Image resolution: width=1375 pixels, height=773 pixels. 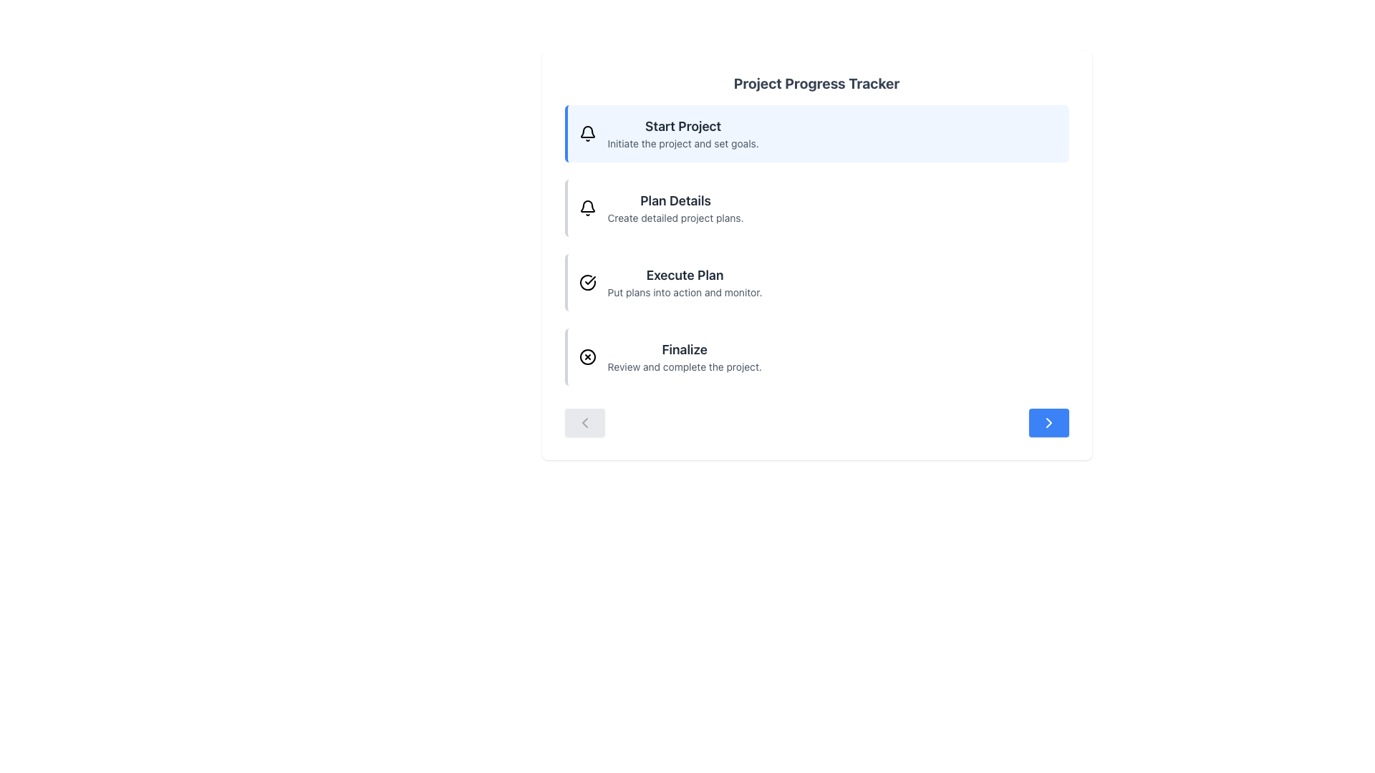 What do you see at coordinates (684, 366) in the screenshot?
I see `the static text element displaying 'Review and complete the project.' which is styled in gray and located under the 'Finalize' header in the project progress tracker interface` at bounding box center [684, 366].